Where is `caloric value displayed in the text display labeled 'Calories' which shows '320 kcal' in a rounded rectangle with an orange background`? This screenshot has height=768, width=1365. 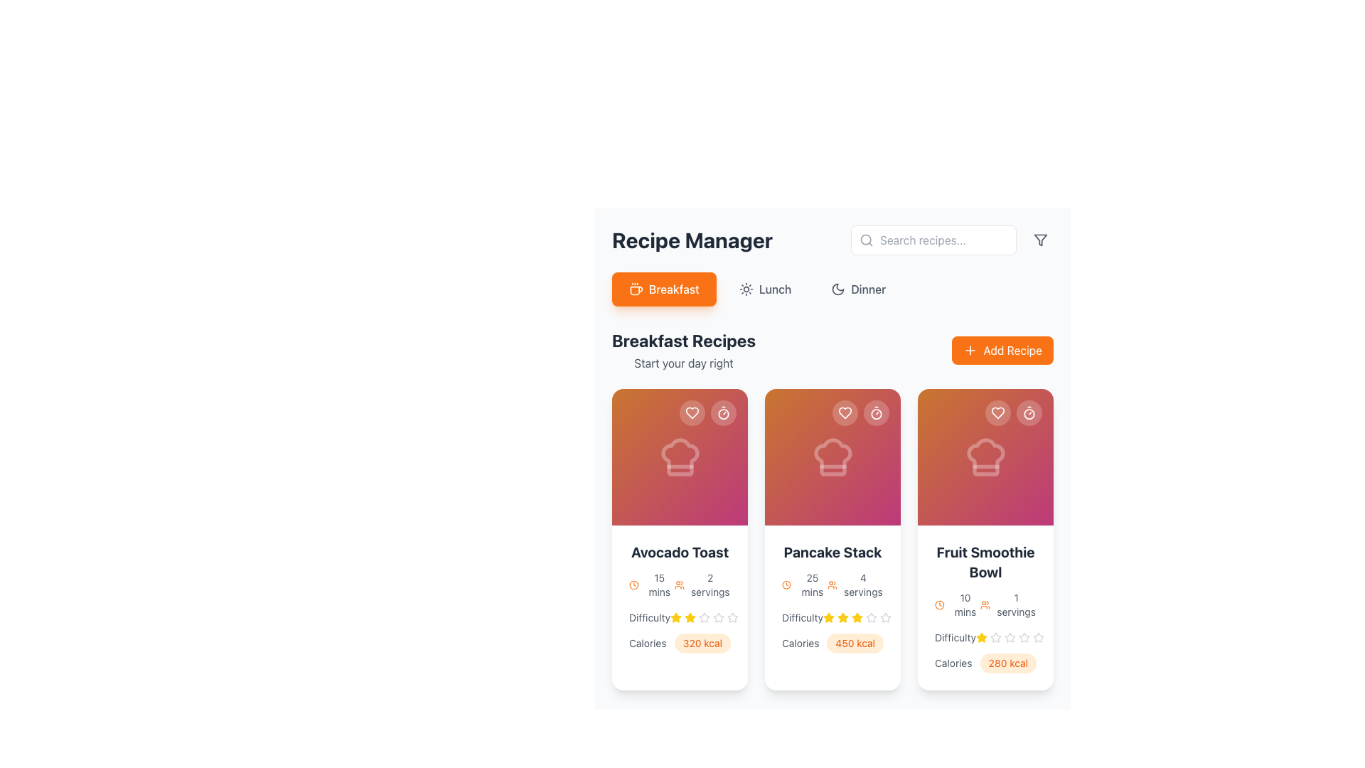
caloric value displayed in the text display labeled 'Calories' which shows '320 kcal' in a rounded rectangle with an orange background is located at coordinates (679, 631).